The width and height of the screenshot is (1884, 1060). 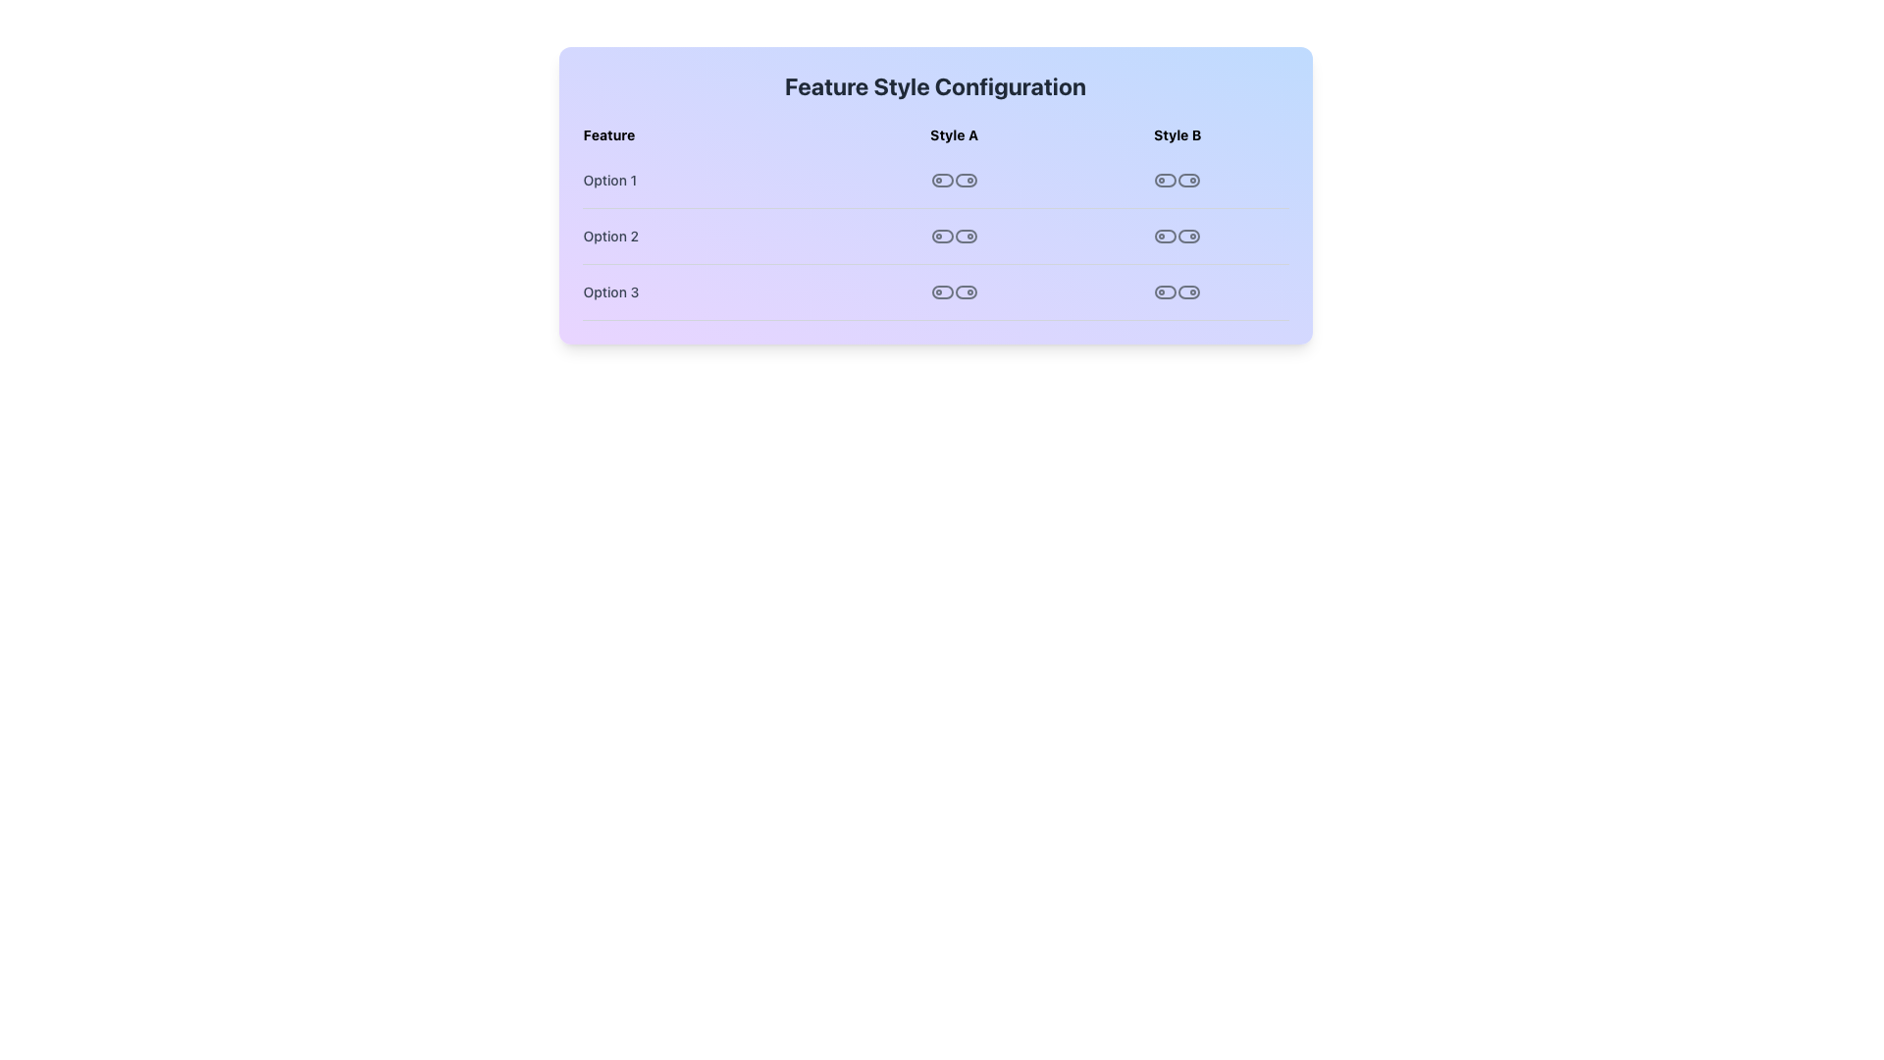 What do you see at coordinates (942, 235) in the screenshot?
I see `the toggle switch located in the second row of the table under the 'Style A' column` at bounding box center [942, 235].